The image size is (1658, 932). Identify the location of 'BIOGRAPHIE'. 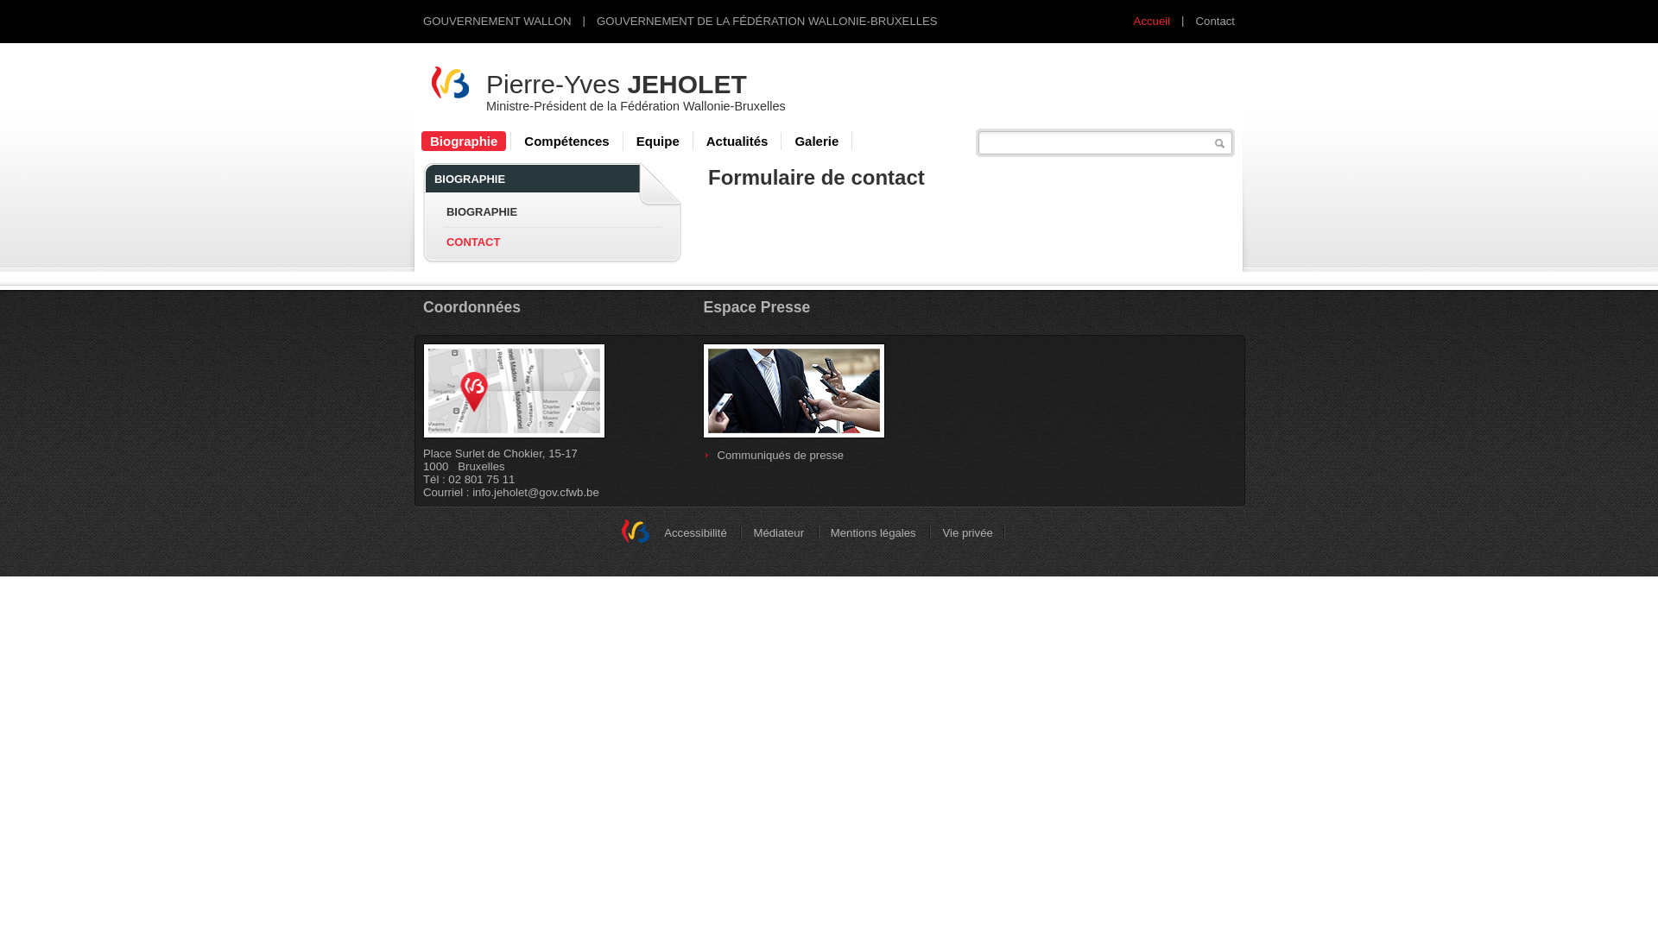
(481, 211).